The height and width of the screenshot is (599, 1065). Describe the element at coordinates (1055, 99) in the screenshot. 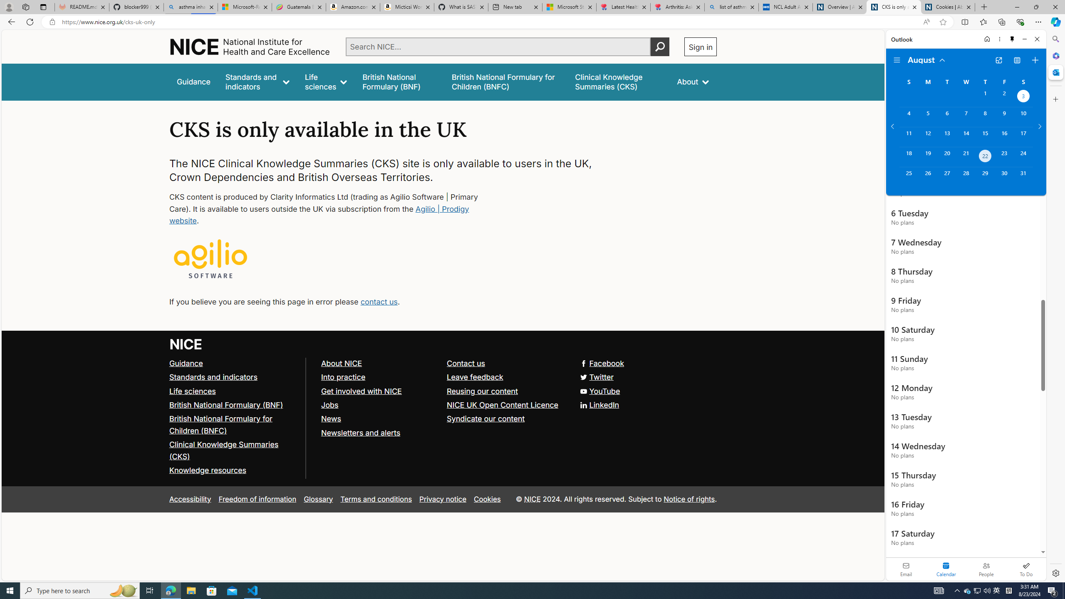

I see `'Close Customize pane'` at that location.